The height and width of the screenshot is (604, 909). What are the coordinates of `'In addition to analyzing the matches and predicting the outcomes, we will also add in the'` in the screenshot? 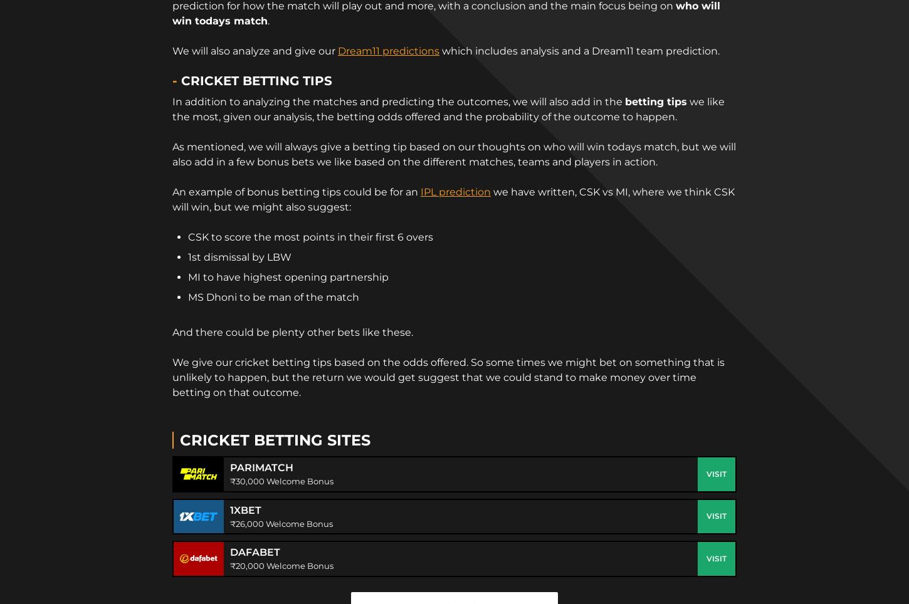 It's located at (397, 100).